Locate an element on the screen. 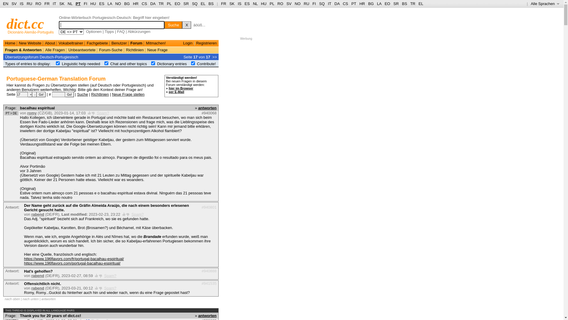 The image size is (568, 320). 'Portuguese-German Translation Forum' is located at coordinates (56, 79).